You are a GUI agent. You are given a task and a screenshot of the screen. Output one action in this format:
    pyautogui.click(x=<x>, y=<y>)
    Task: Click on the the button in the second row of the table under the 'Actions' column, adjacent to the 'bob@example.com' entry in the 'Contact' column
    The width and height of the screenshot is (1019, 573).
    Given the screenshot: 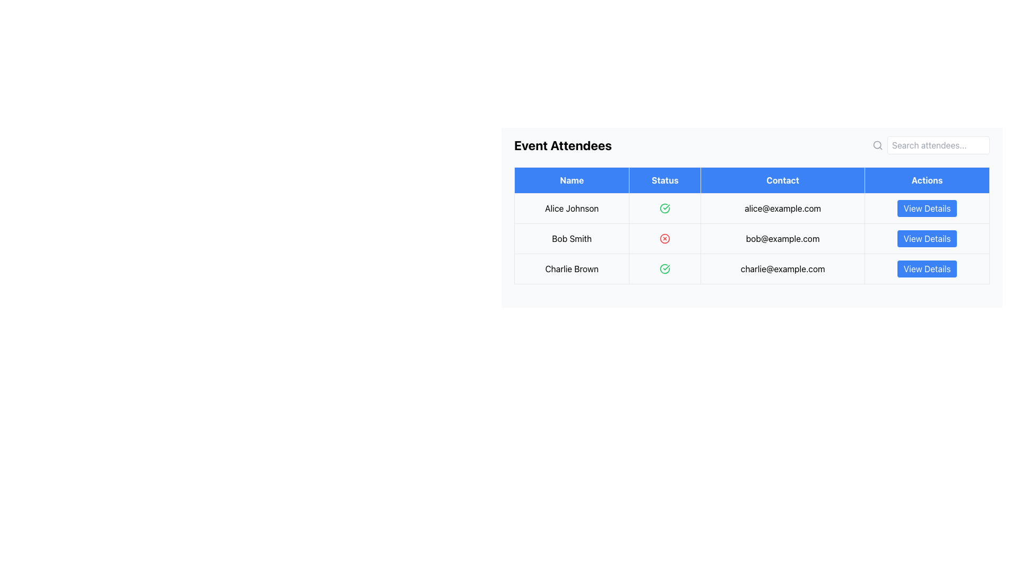 What is the action you would take?
    pyautogui.click(x=927, y=239)
    